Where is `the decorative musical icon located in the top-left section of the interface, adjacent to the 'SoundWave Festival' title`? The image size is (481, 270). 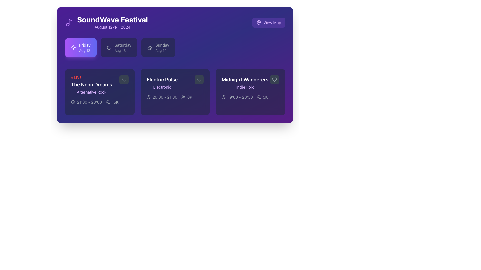
the decorative musical icon located in the top-left section of the interface, adjacent to the 'SoundWave Festival' title is located at coordinates (70, 22).